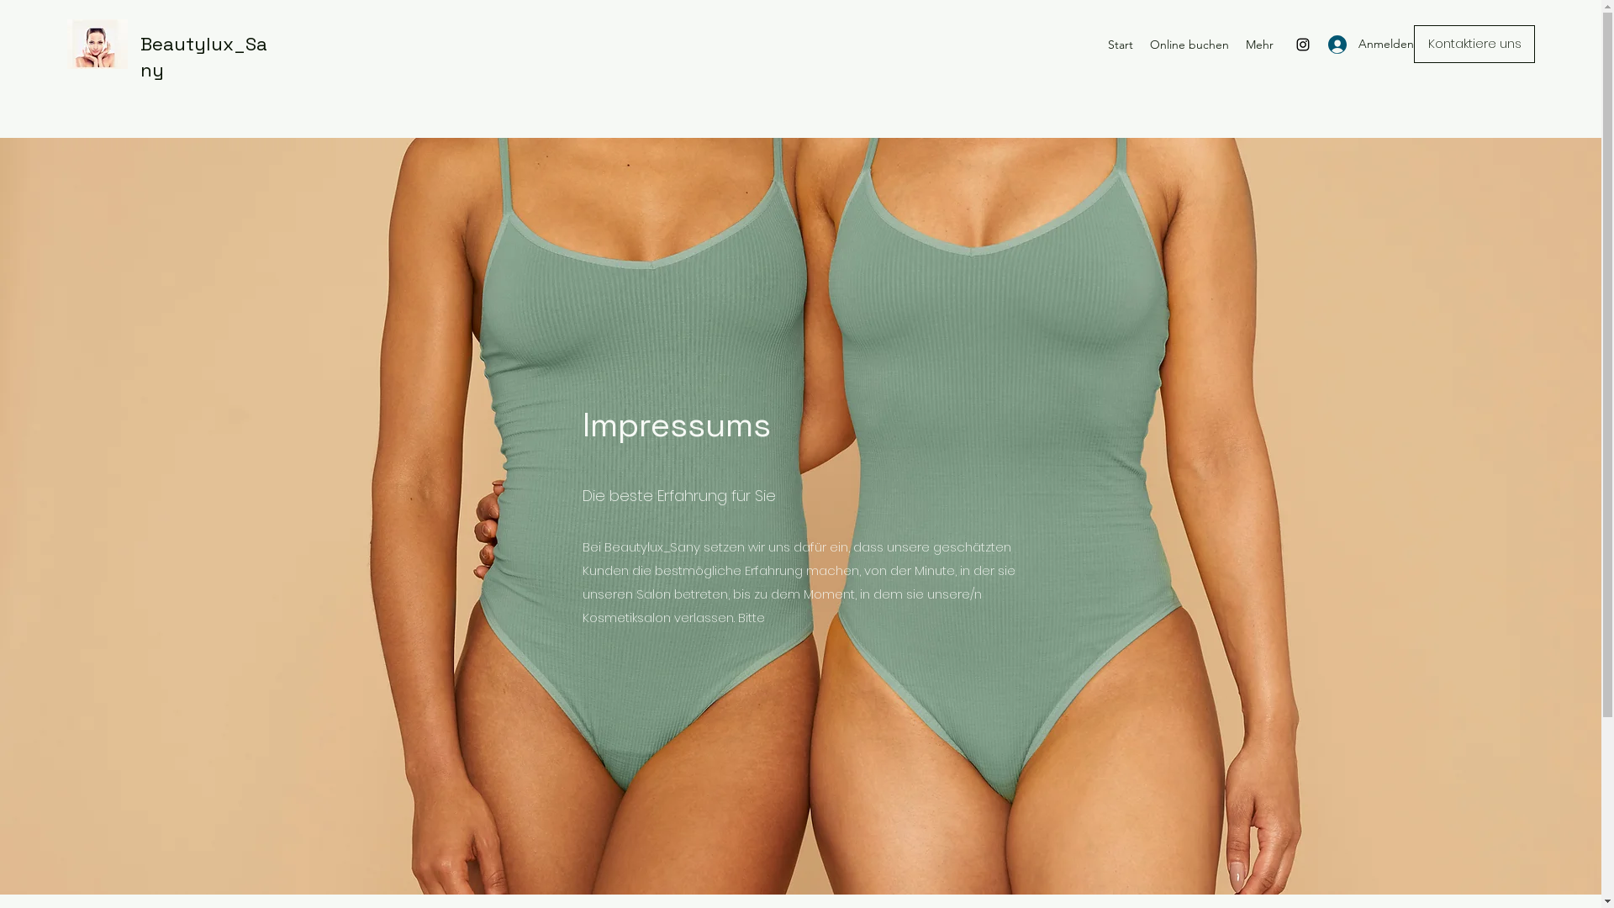  What do you see at coordinates (1354, 43) in the screenshot?
I see `'Anmelden'` at bounding box center [1354, 43].